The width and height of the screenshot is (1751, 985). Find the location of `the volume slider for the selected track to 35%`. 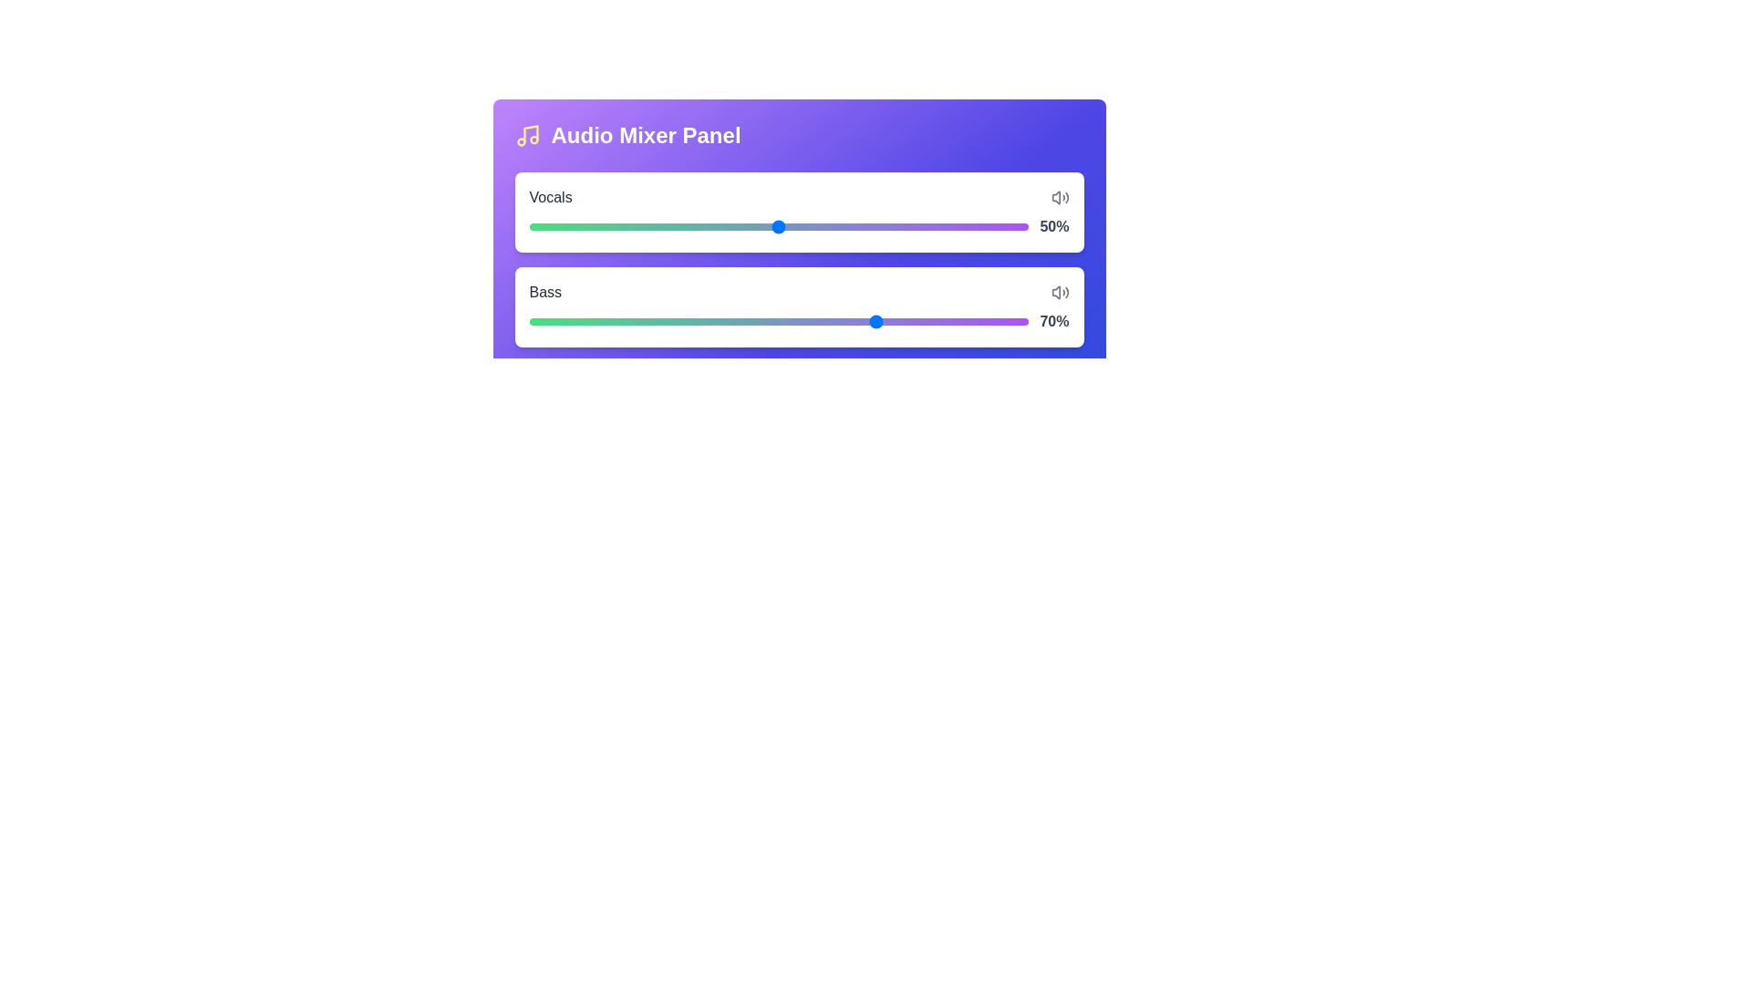

the volume slider for the selected track to 35% is located at coordinates (703, 223).